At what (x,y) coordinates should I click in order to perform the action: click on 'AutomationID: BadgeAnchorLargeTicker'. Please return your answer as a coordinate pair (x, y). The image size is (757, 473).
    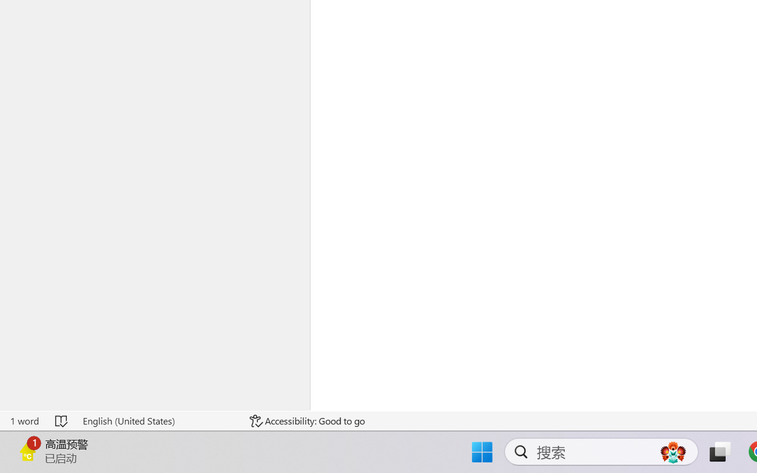
    Looking at the image, I should click on (27, 451).